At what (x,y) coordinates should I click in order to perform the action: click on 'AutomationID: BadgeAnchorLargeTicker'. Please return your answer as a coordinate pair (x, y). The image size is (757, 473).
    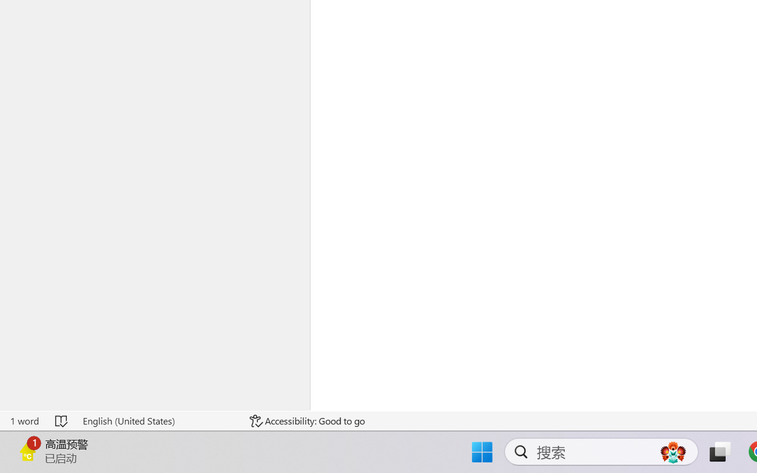
    Looking at the image, I should click on (27, 451).